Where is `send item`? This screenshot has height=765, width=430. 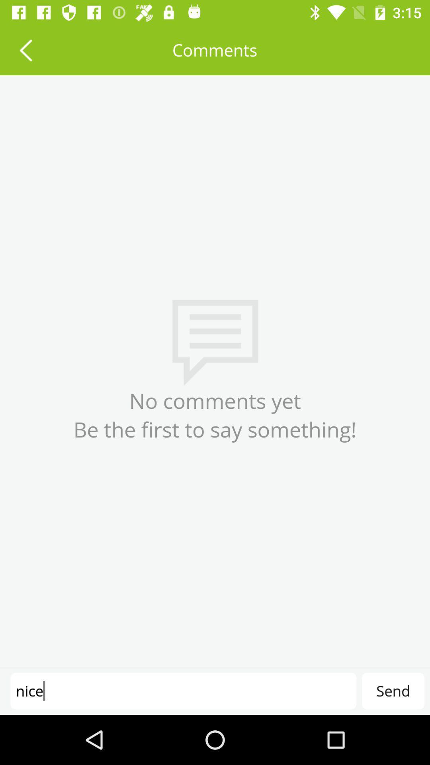 send item is located at coordinates (393, 690).